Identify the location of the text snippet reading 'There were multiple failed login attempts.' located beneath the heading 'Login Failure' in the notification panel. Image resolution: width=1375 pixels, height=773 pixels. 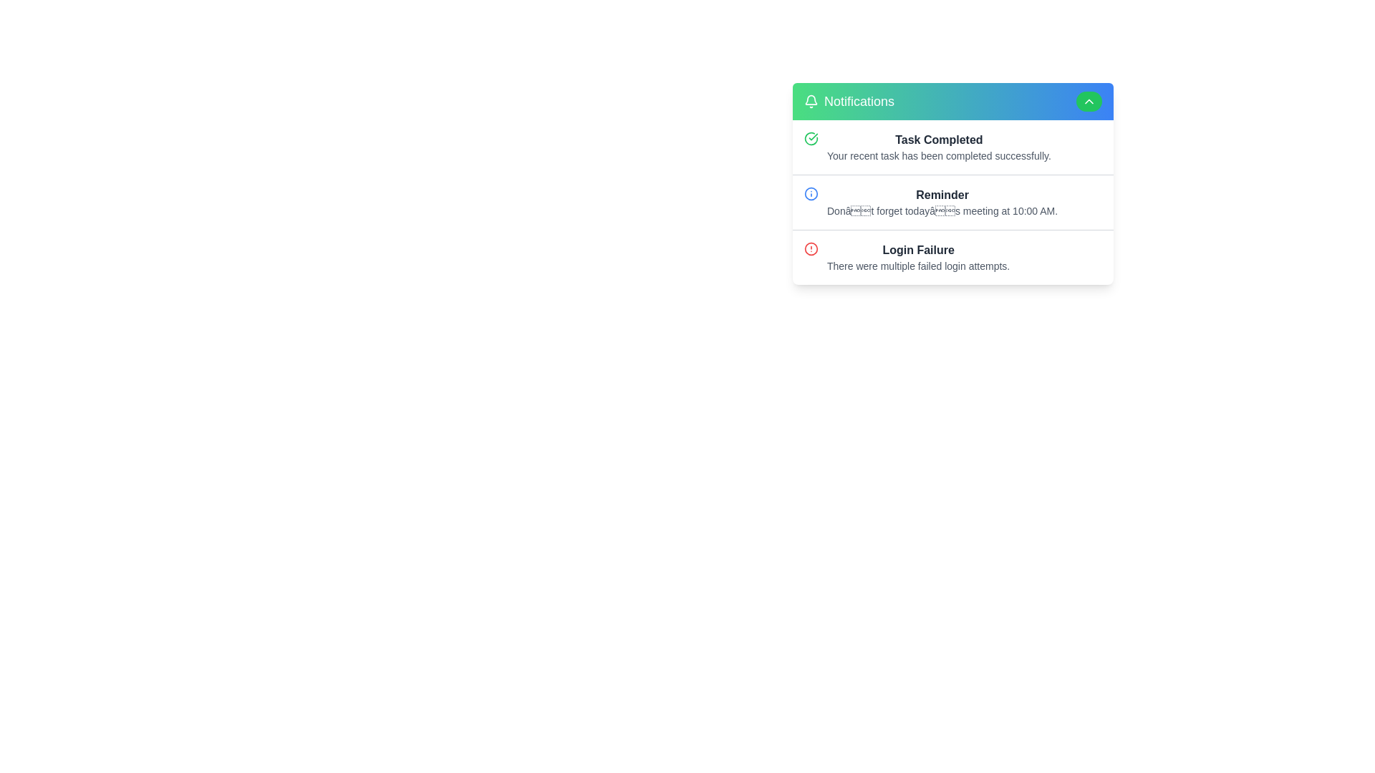
(918, 266).